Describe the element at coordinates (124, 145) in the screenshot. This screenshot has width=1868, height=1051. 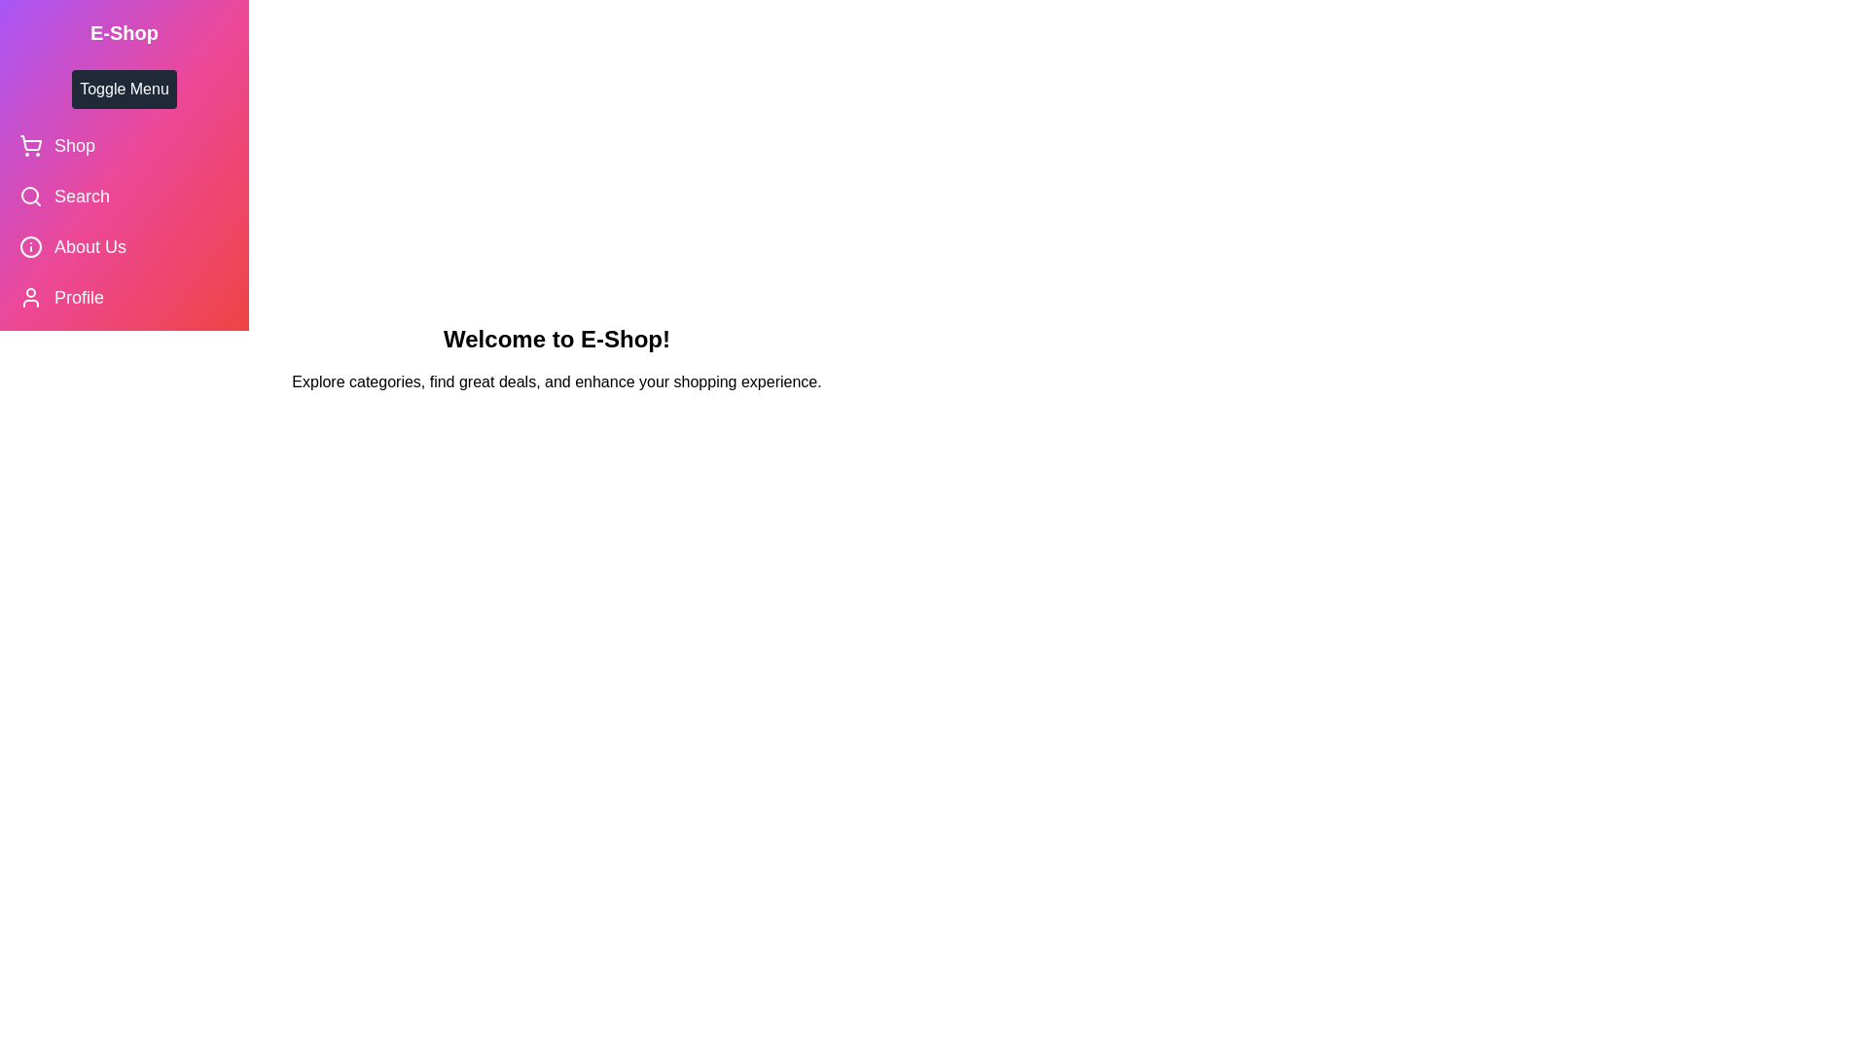
I see `the 'Shop' menu item to select it` at that location.